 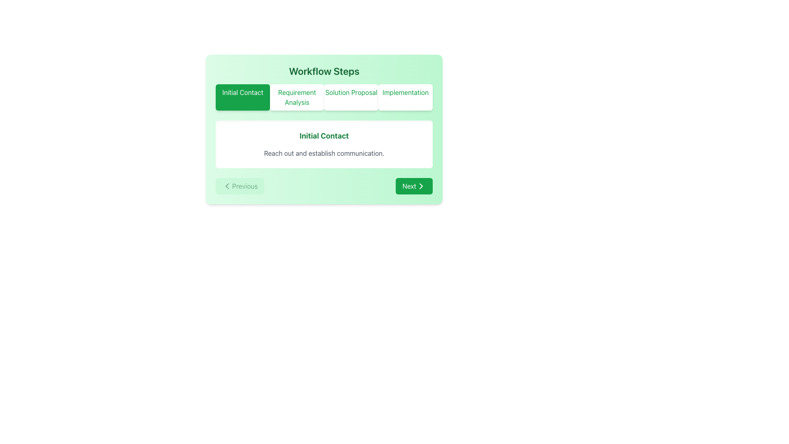 What do you see at coordinates (297, 97) in the screenshot?
I see `the button labeled 'Requirement Analysis' with light green text and a white background, which is the second button in the Workflow Steps section` at bounding box center [297, 97].